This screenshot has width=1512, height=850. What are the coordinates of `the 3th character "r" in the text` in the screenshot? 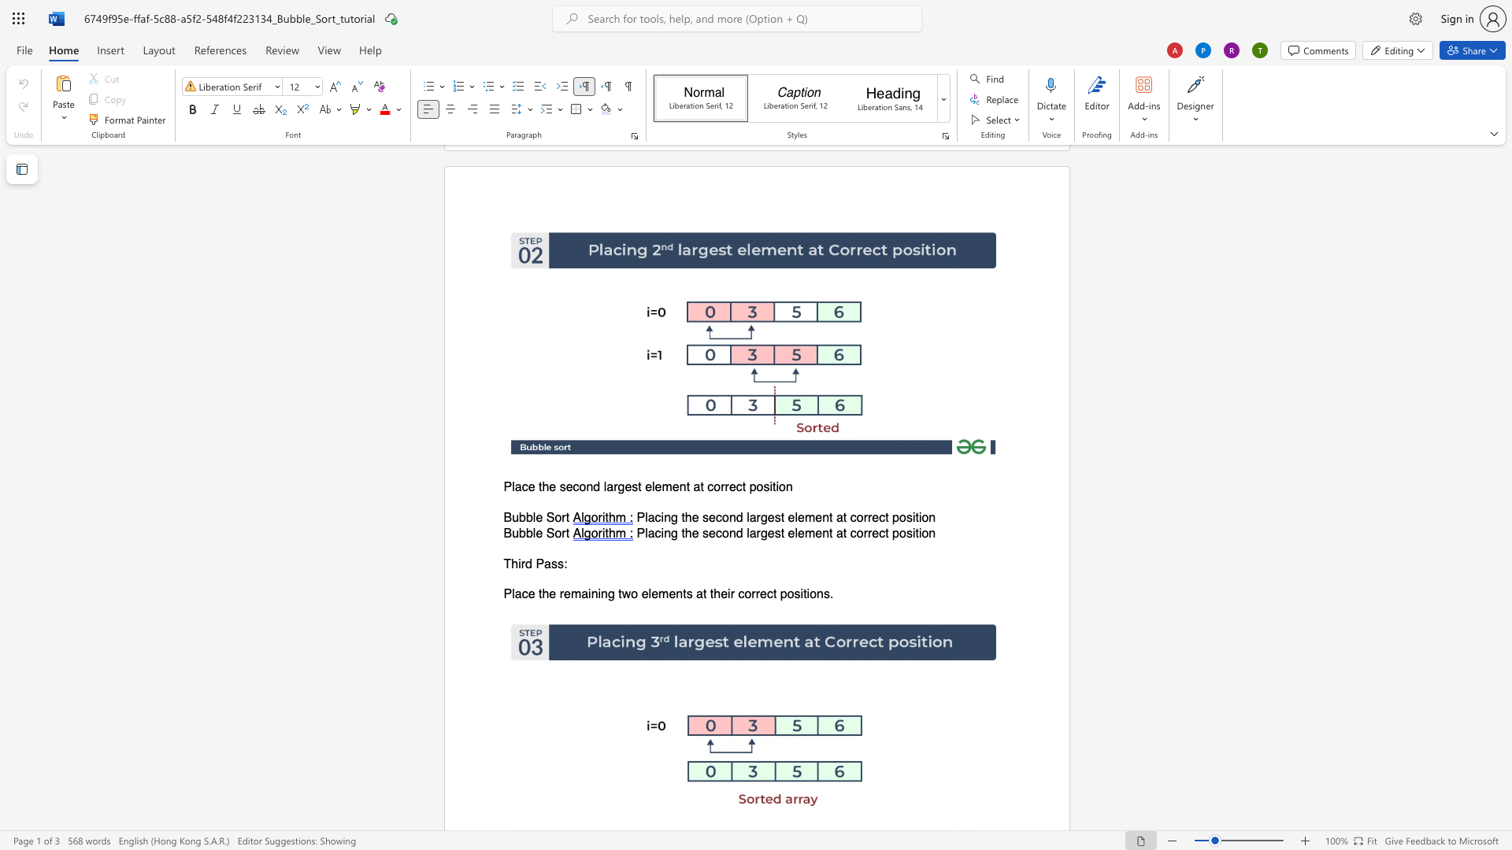 It's located at (752, 594).